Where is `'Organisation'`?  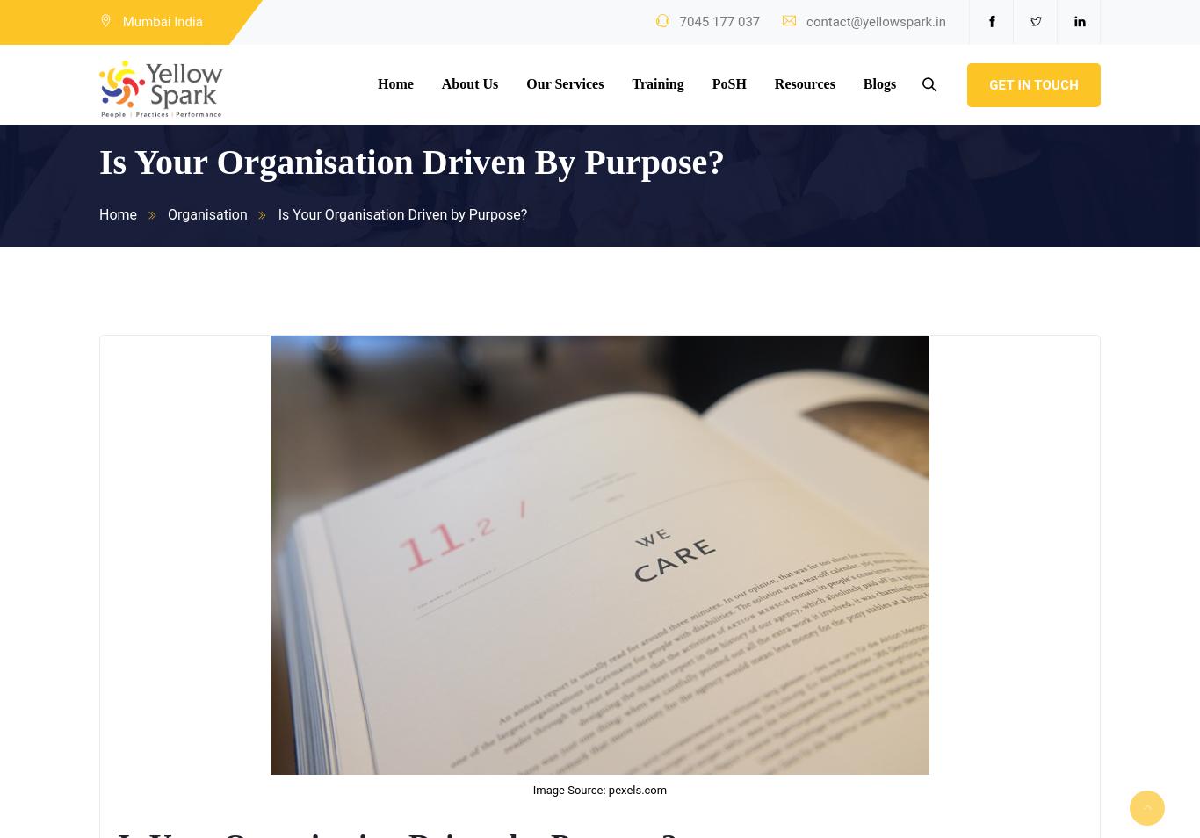
'Organisation' is located at coordinates (207, 214).